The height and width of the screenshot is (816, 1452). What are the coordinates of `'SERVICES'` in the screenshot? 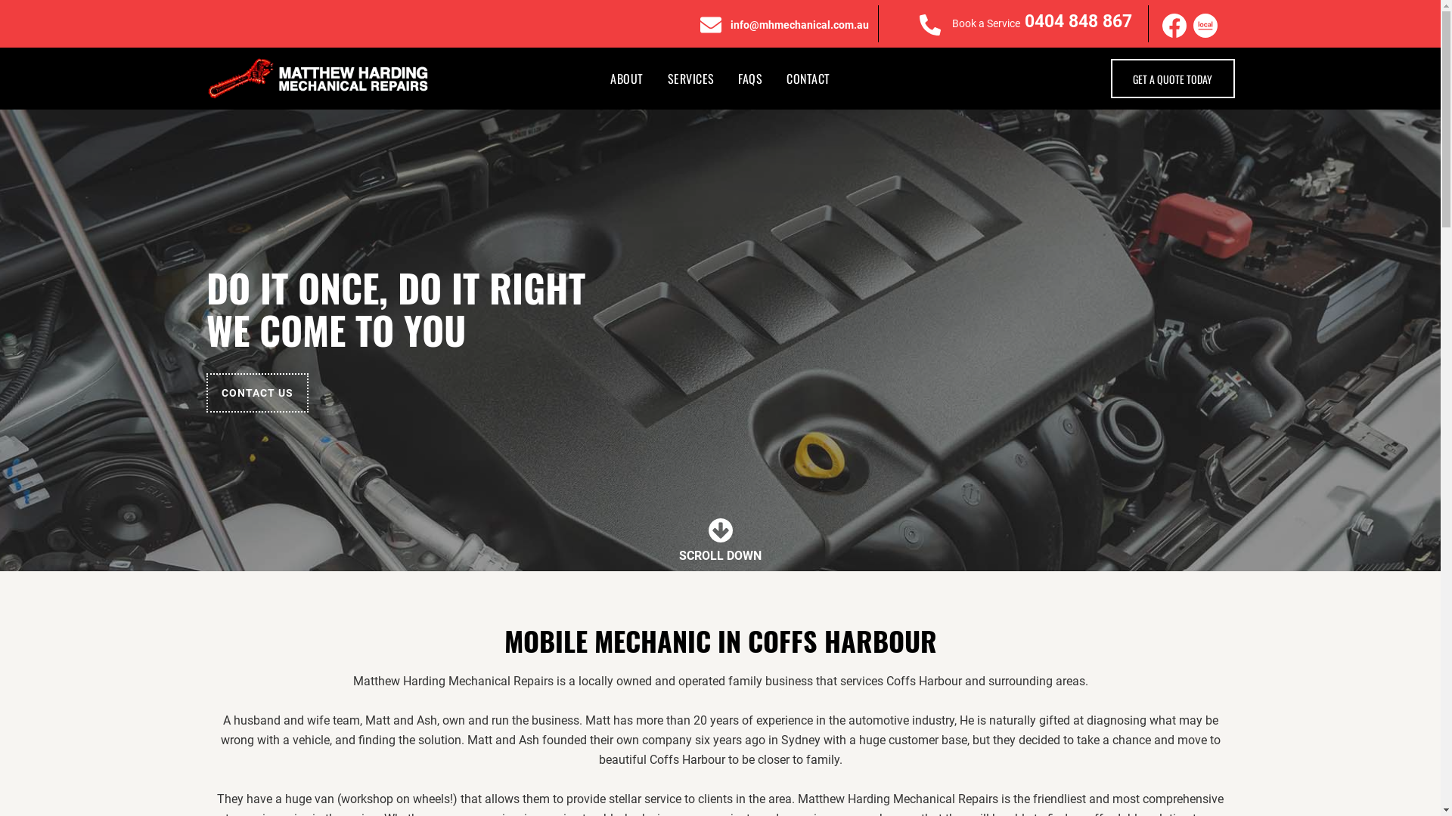 It's located at (690, 79).